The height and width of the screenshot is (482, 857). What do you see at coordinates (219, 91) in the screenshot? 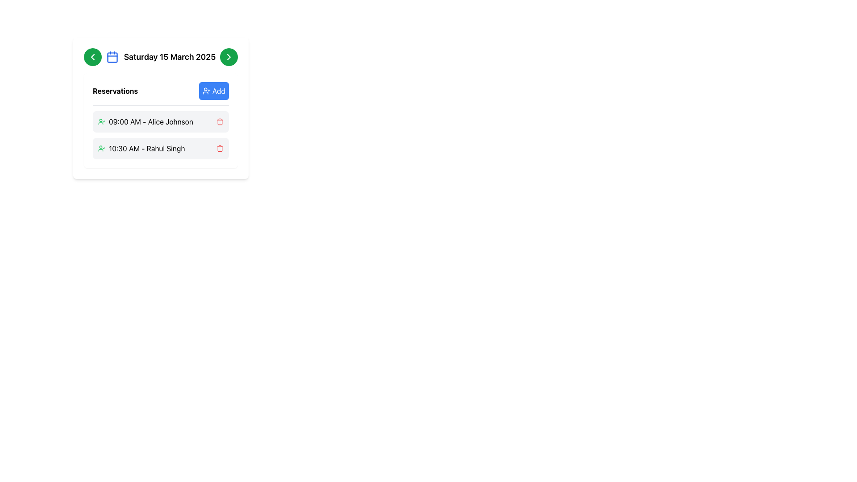
I see `the label text in the top-right corner of the reservations section` at bounding box center [219, 91].